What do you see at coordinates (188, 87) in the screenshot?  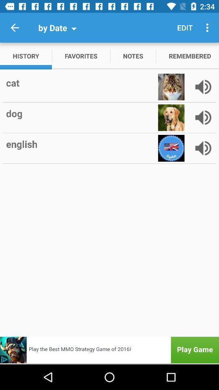 I see `item below the remembered` at bounding box center [188, 87].